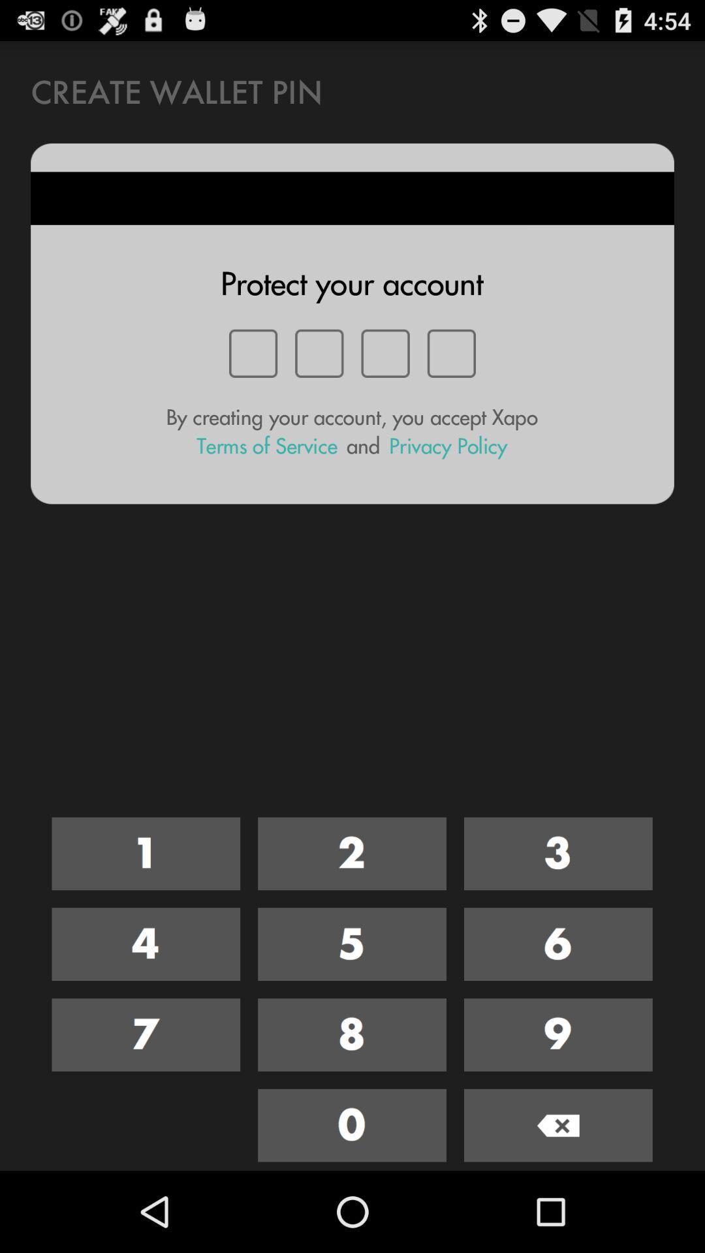 The image size is (705, 1253). I want to click on number 1 key, so click(146, 854).